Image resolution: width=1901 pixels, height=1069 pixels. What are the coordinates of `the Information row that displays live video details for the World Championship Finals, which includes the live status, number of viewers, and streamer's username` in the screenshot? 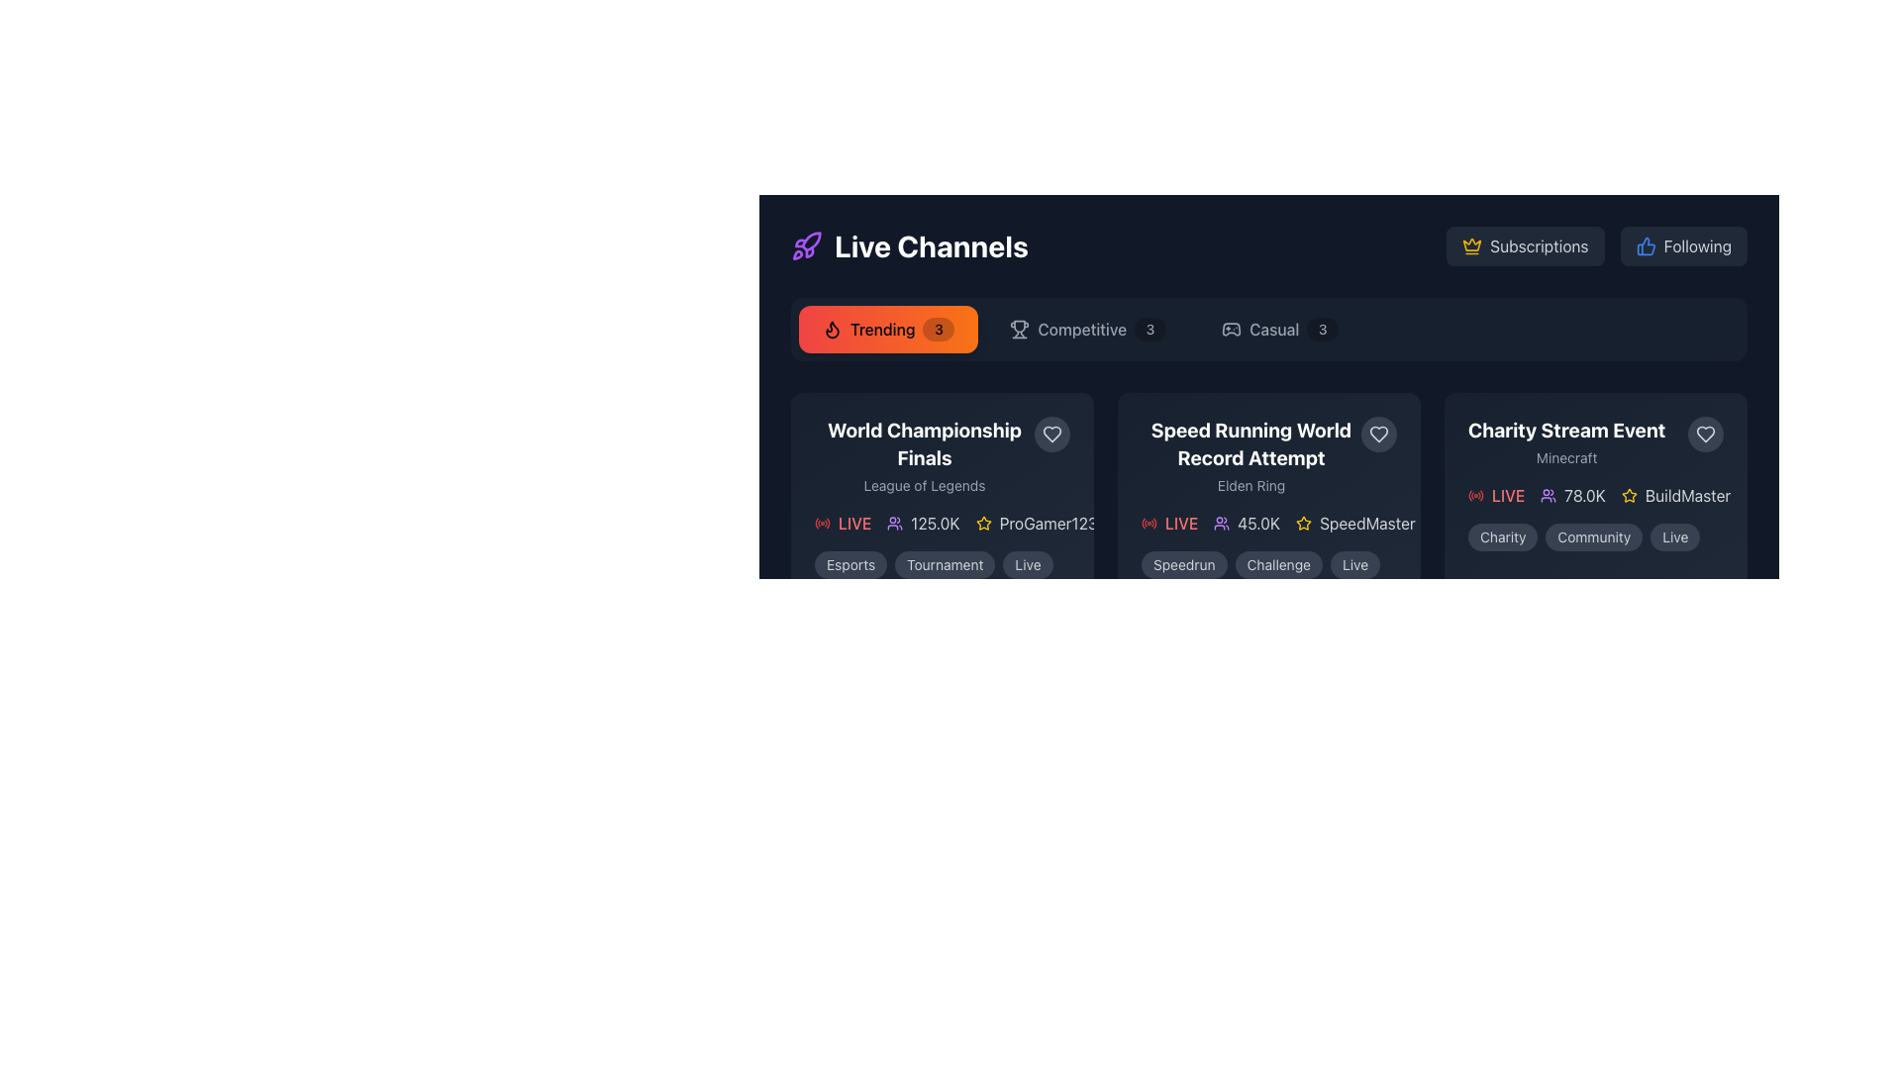 It's located at (941, 522).